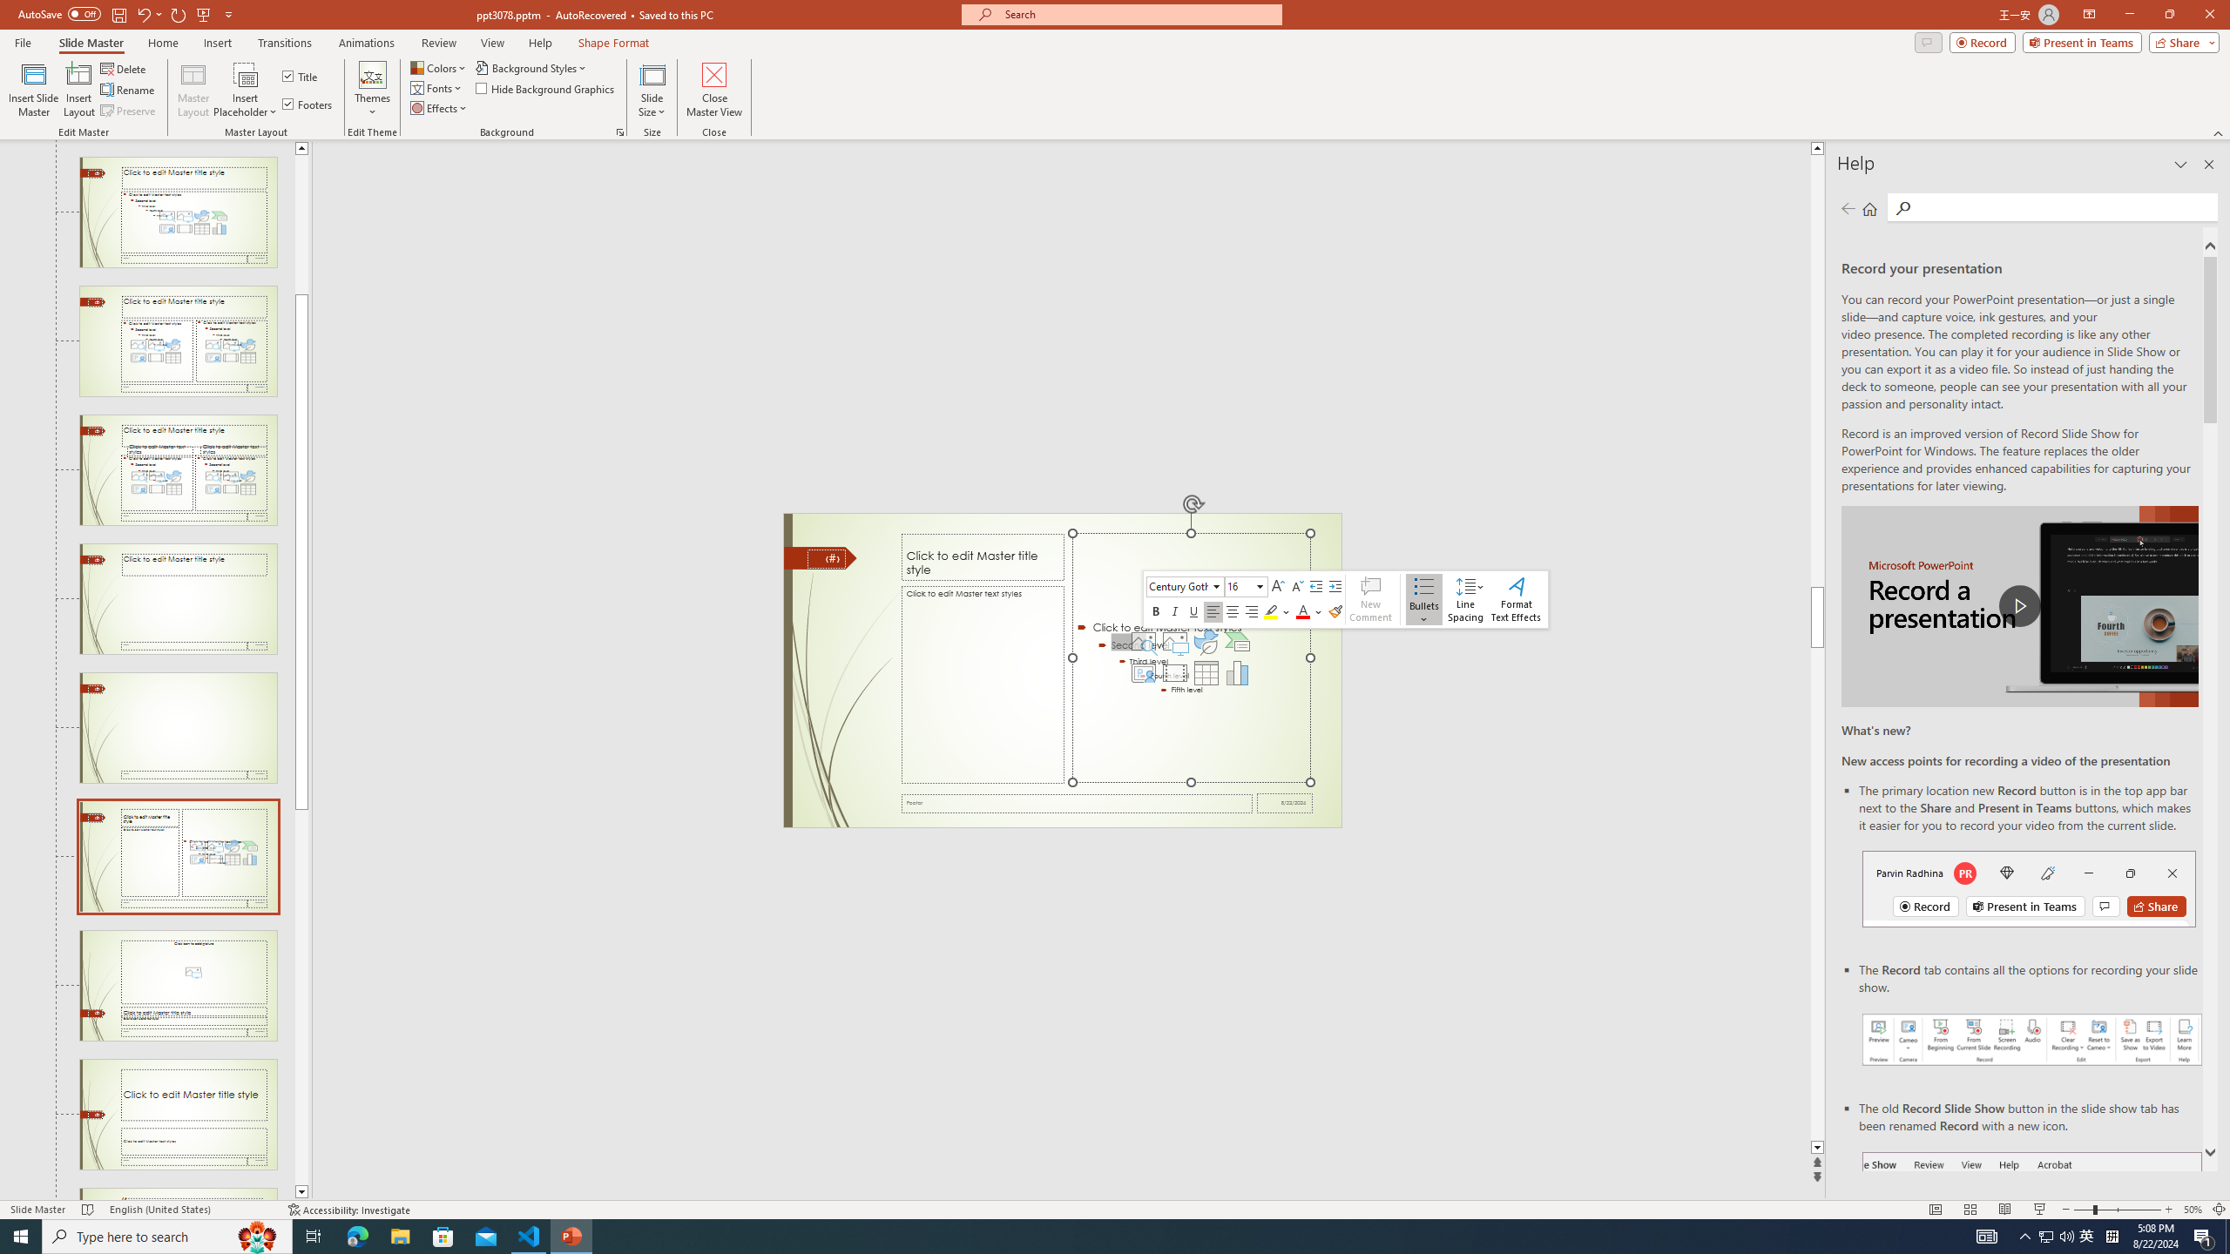 The image size is (2230, 1254). I want to click on 'Preserve', so click(128, 111).